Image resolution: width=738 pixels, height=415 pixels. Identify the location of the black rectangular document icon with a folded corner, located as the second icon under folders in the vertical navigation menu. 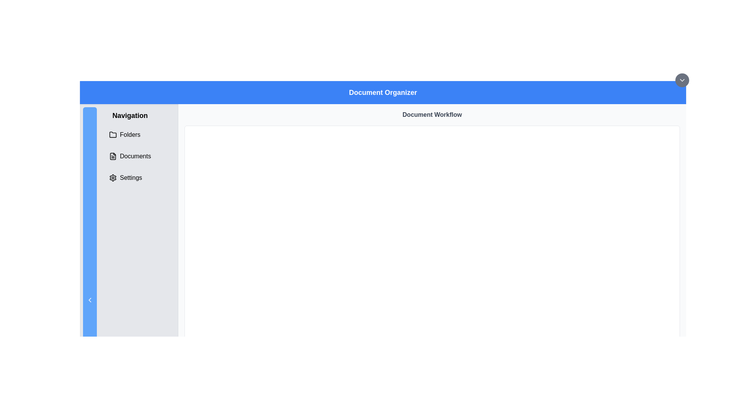
(112, 156).